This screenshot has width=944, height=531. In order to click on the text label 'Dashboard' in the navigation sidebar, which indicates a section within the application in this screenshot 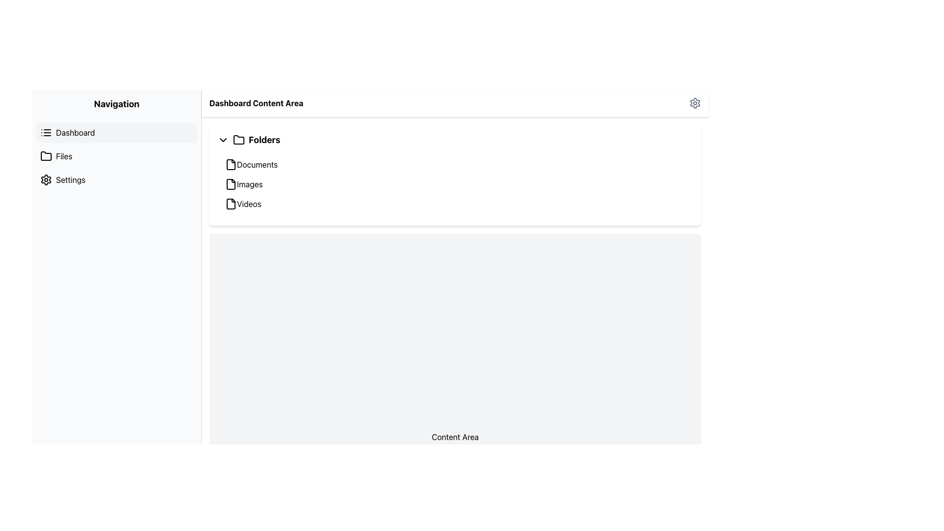, I will do `click(75, 133)`.